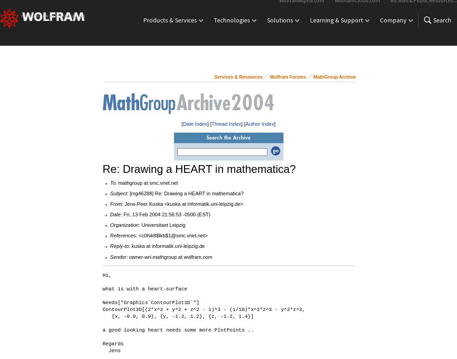 The width and height of the screenshot is (457, 359). Describe the element at coordinates (424, 5) in the screenshot. I see `'All Sites & Public Resources...'` at that location.